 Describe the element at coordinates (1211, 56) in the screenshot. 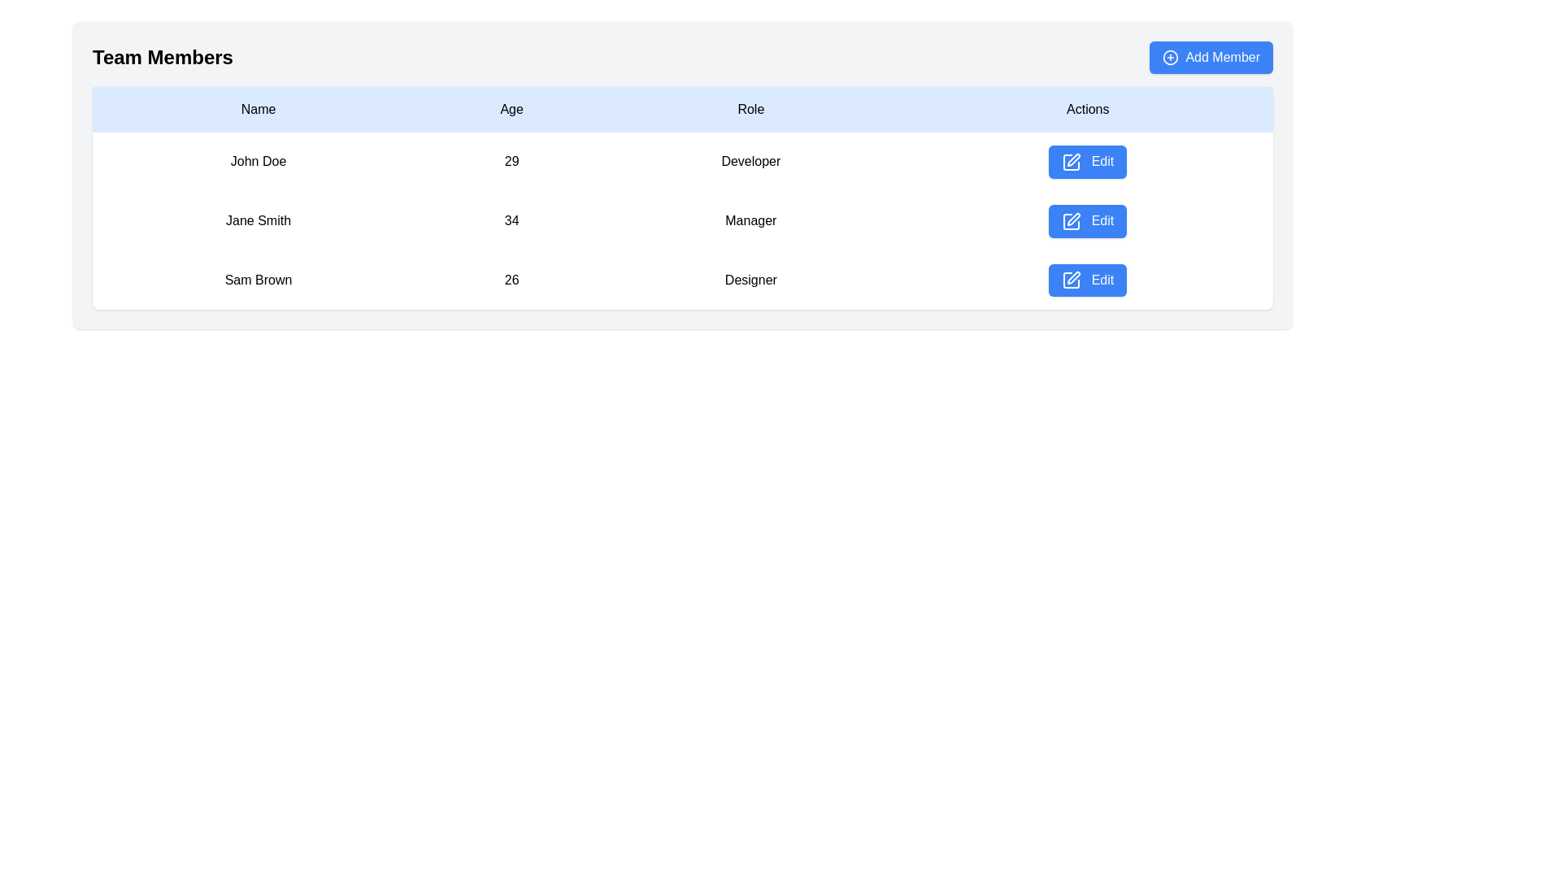

I see `the 'Add New Member' button located at the top-right corner of the 'Team Members' section` at that location.